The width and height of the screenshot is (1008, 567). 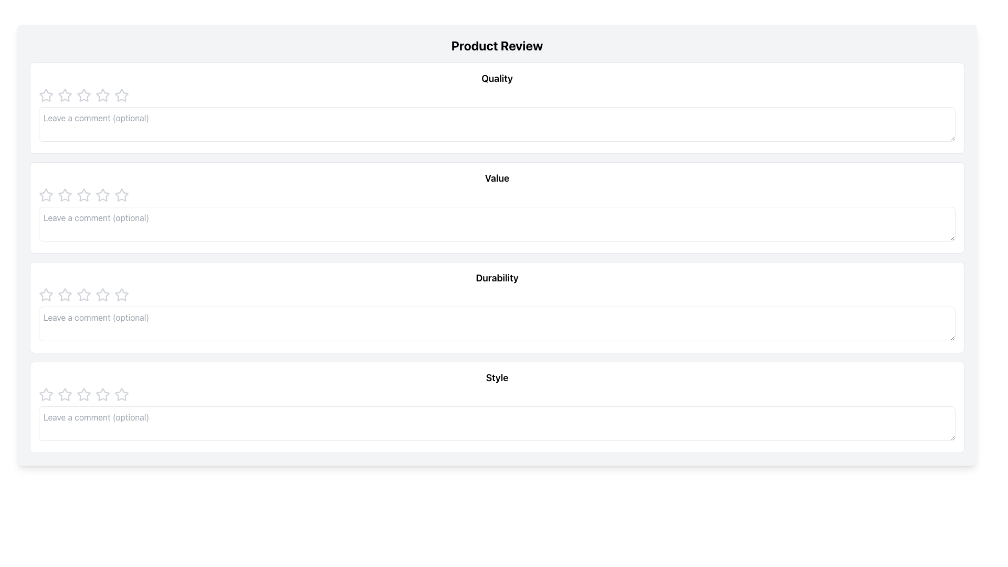 What do you see at coordinates (103, 394) in the screenshot?
I see `the first rating star icon in the 'Style' section` at bounding box center [103, 394].